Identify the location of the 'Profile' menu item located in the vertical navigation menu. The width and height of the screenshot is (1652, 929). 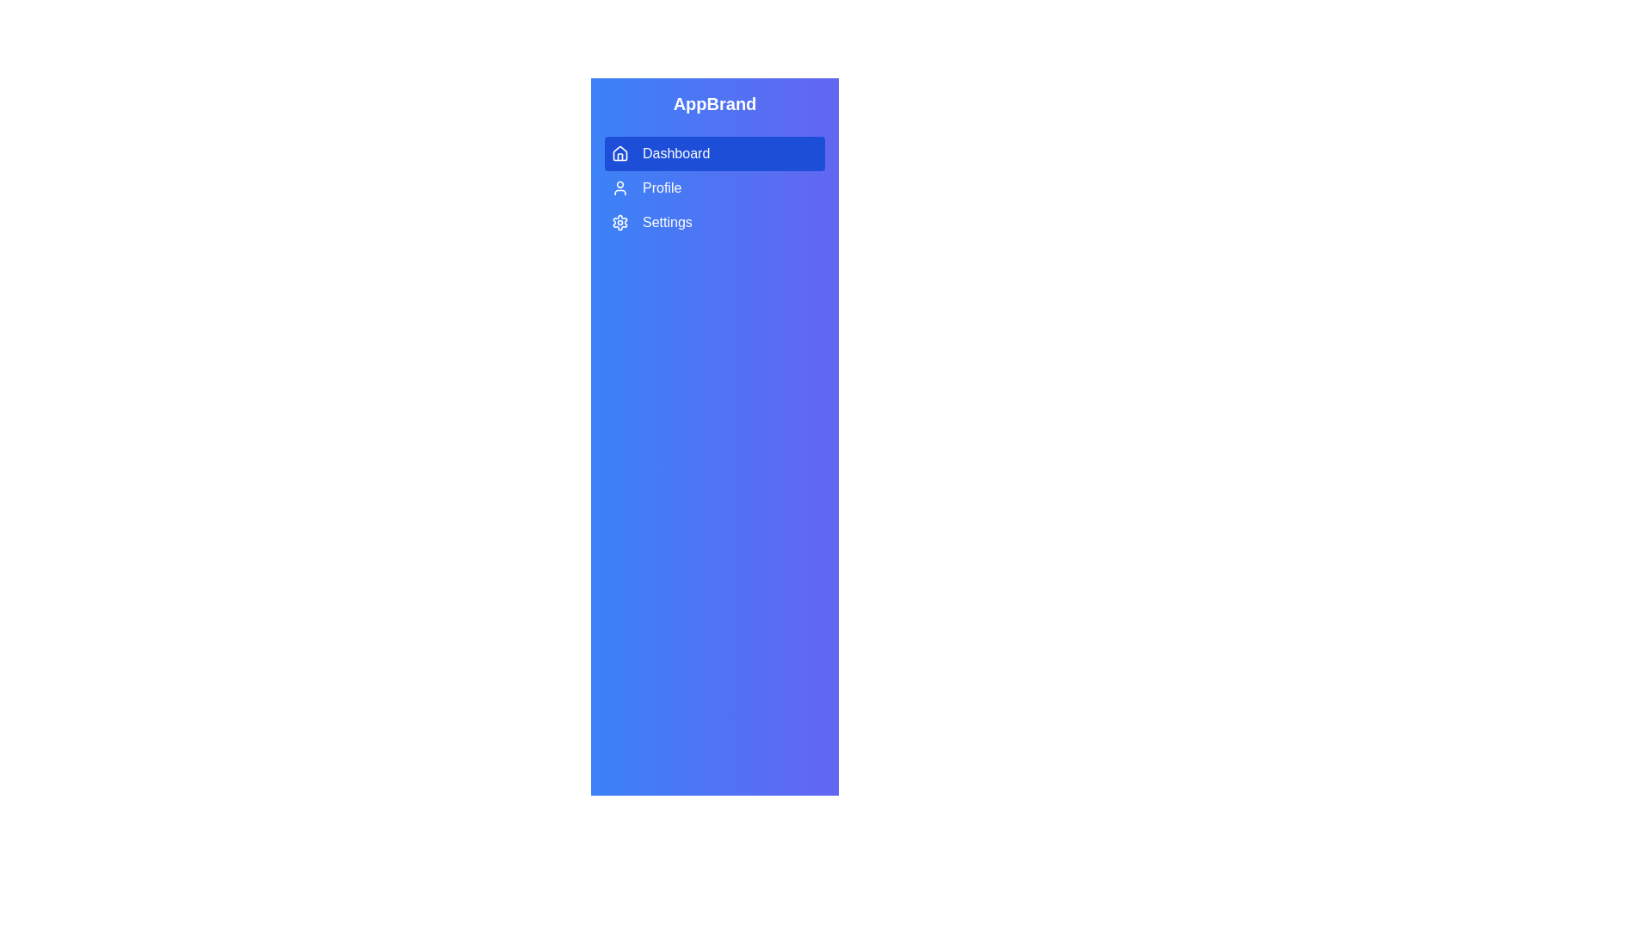
(714, 188).